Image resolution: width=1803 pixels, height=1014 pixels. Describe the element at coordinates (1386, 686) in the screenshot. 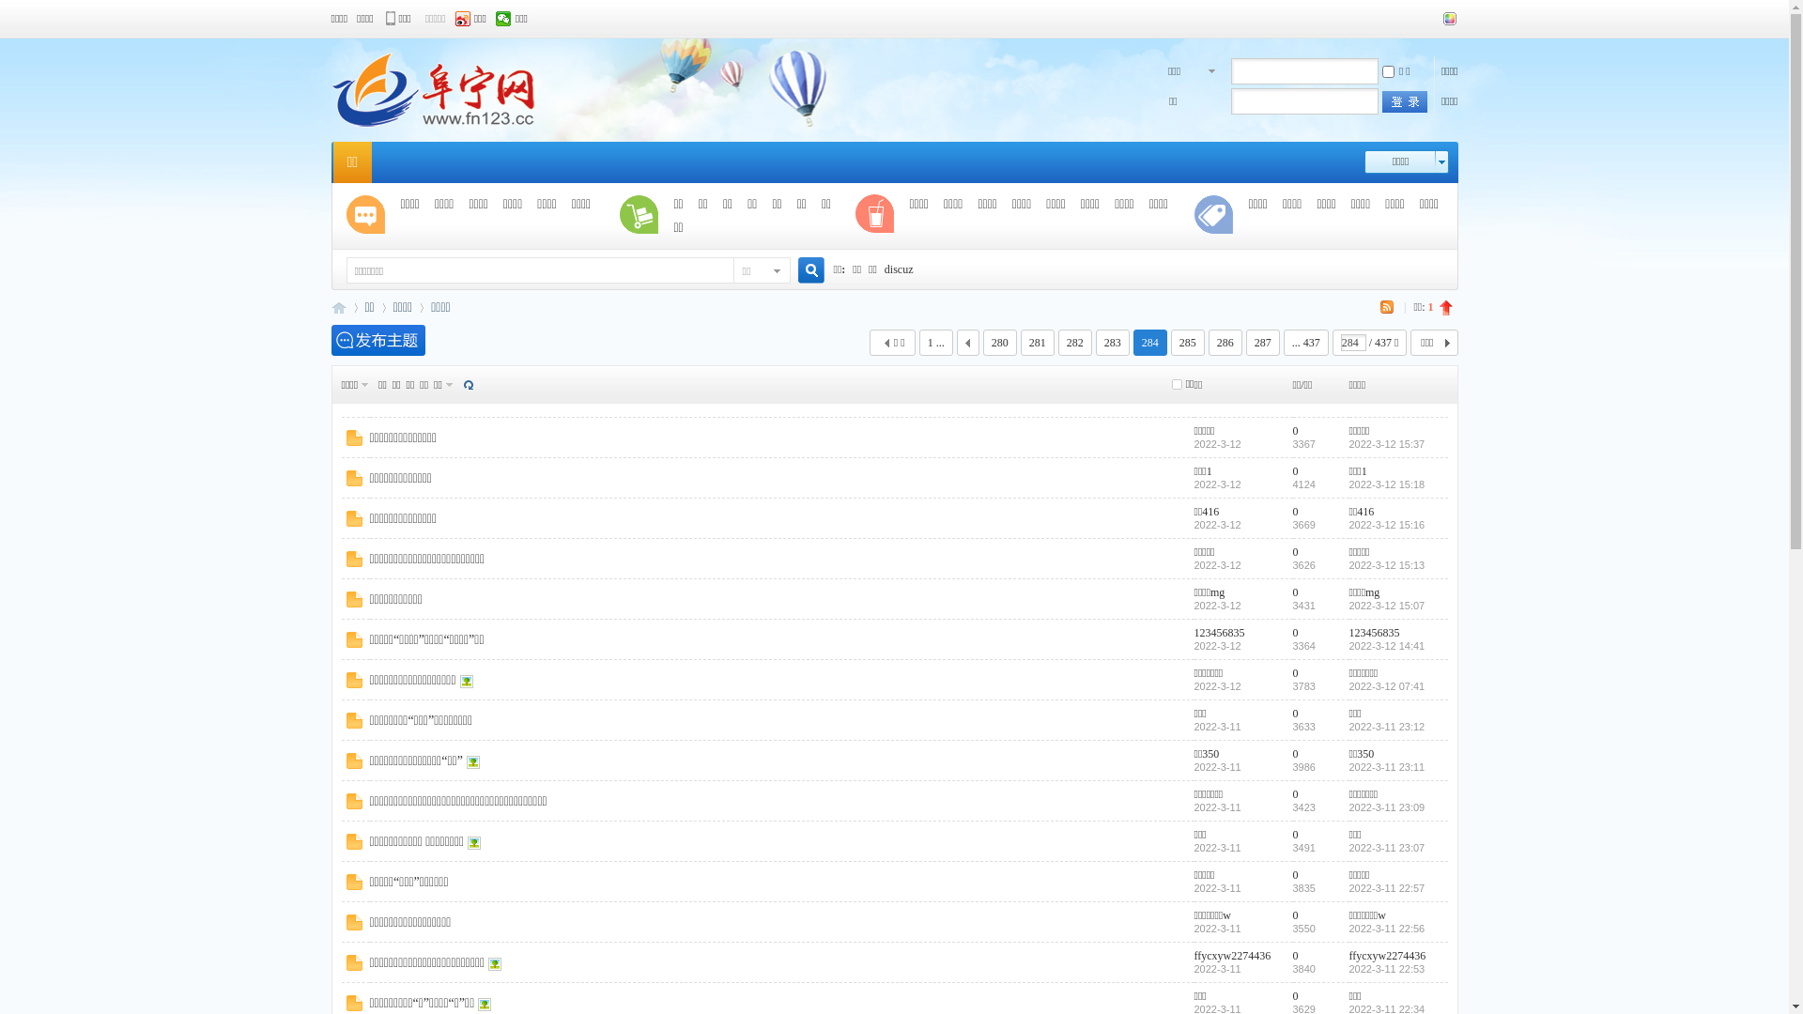

I see `'2022-3-12 07:41'` at that location.